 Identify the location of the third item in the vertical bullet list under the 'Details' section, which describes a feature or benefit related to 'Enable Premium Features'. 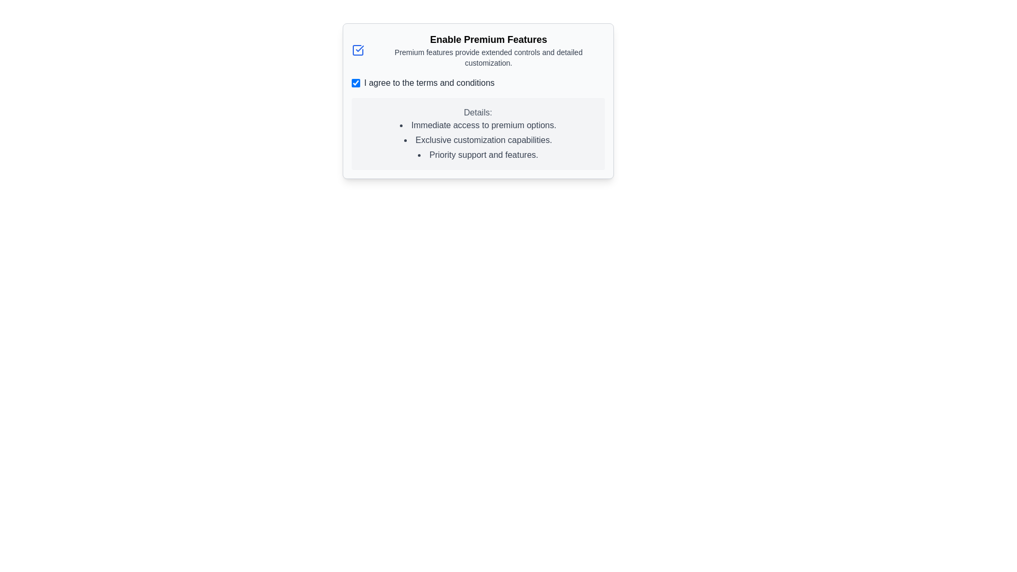
(477, 155).